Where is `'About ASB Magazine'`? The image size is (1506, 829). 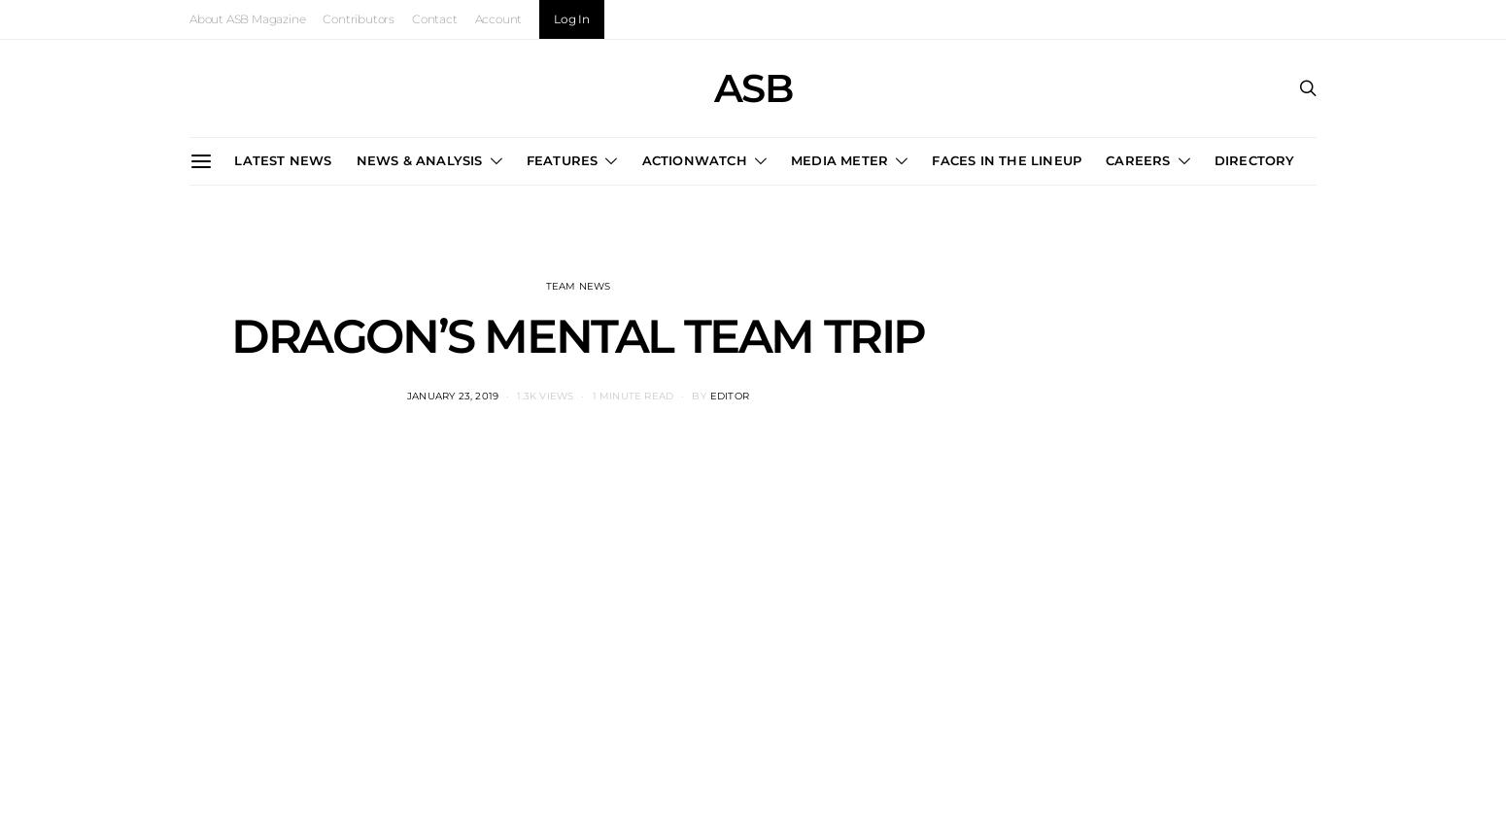
'About ASB Magazine' is located at coordinates (188, 17).